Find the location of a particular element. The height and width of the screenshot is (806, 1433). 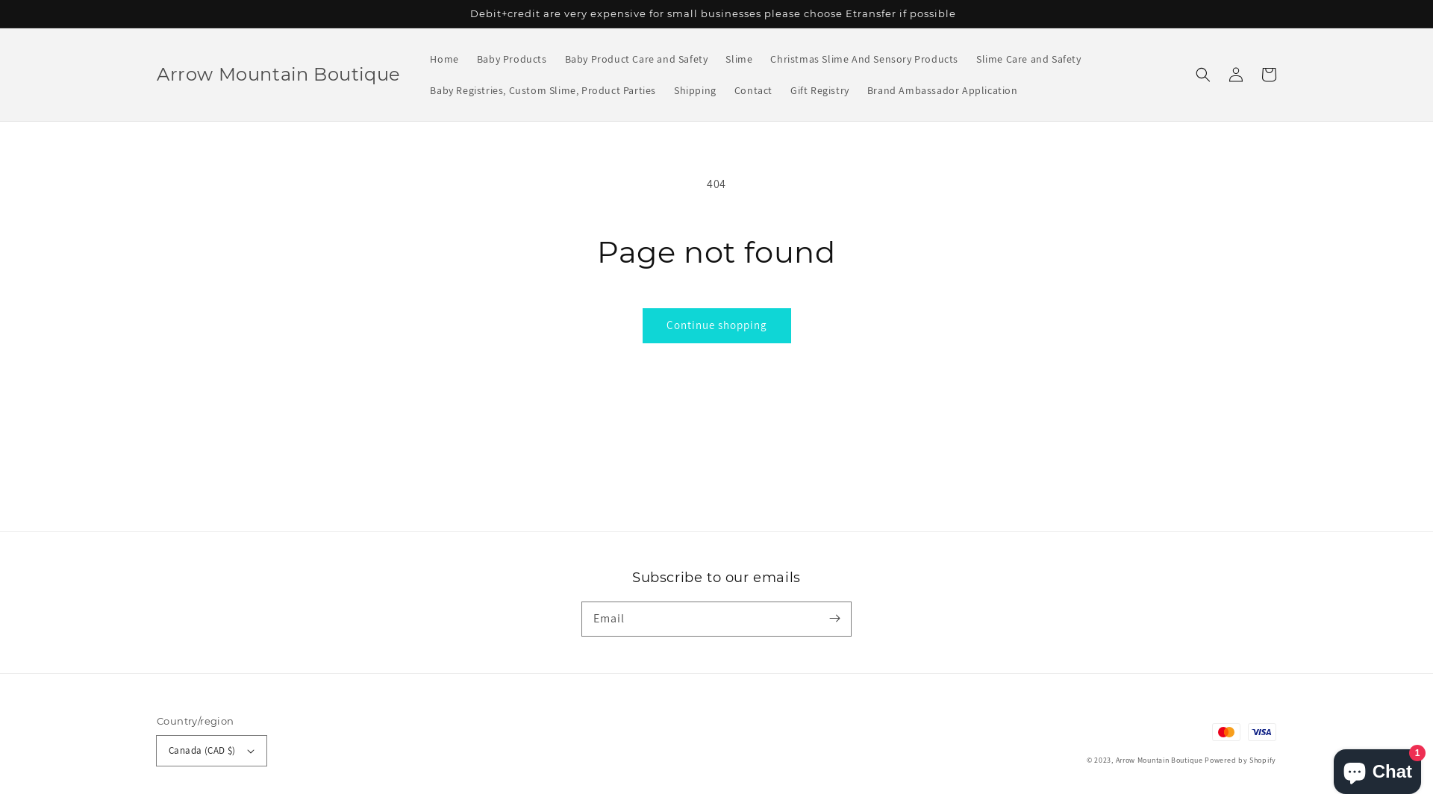

'Home' is located at coordinates (443, 57).